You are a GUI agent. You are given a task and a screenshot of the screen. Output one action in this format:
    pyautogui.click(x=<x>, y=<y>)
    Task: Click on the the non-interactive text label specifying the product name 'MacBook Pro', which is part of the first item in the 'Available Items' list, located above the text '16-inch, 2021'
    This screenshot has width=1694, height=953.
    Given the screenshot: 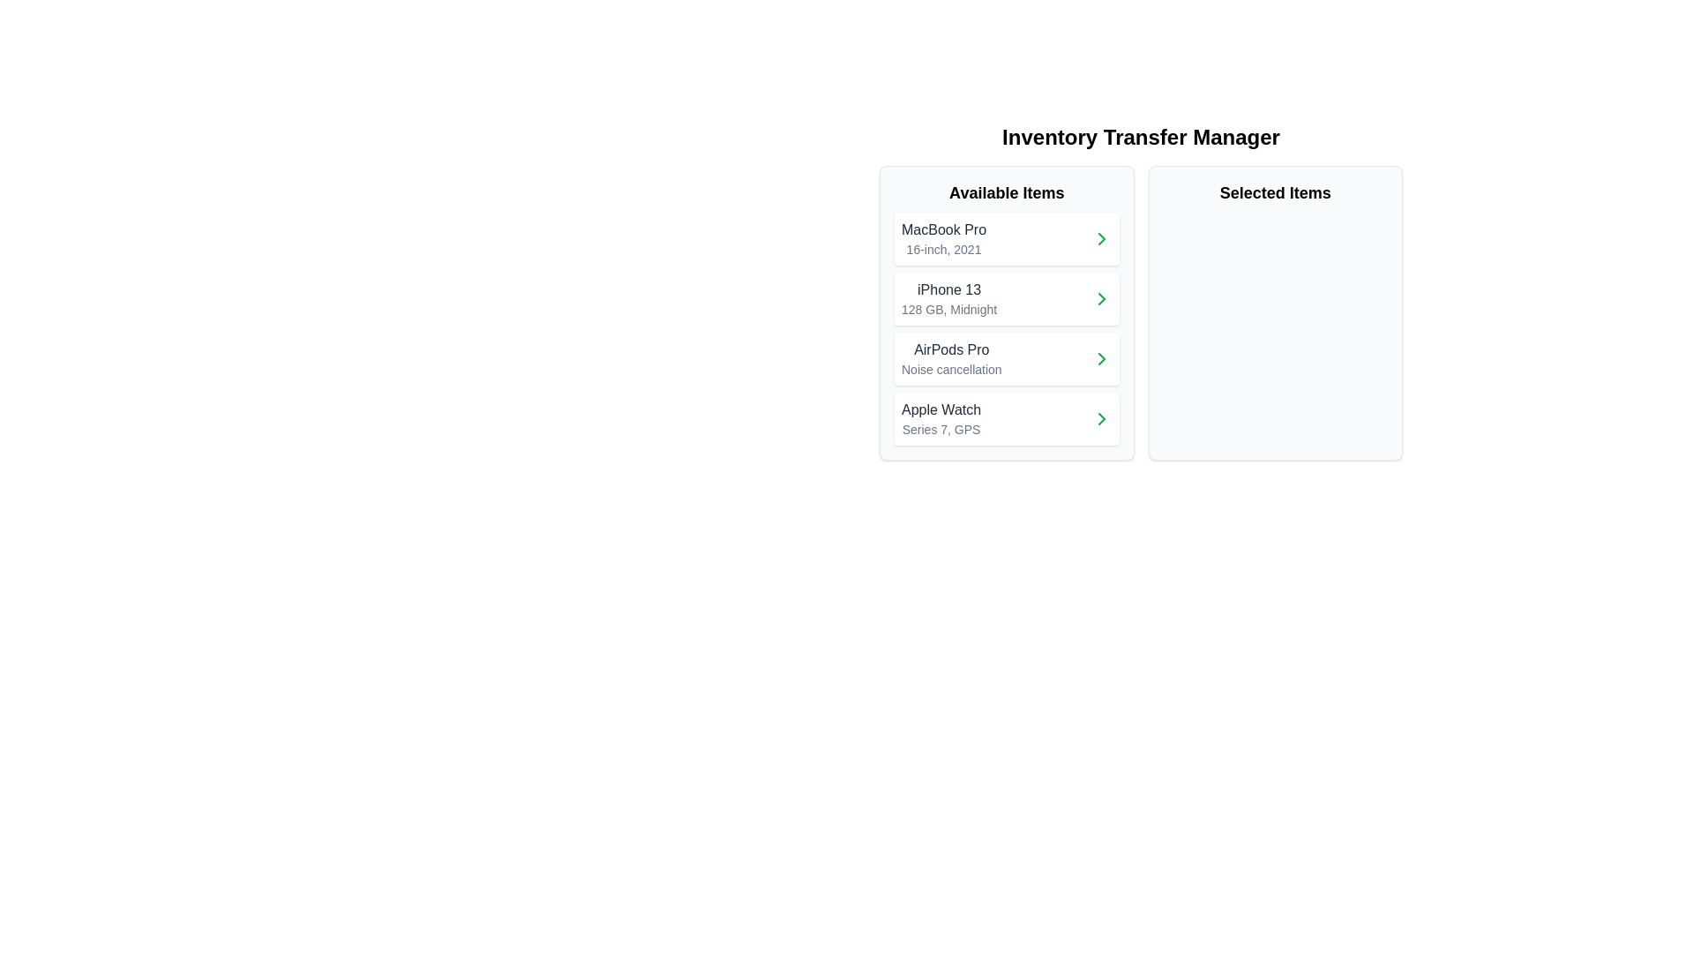 What is the action you would take?
    pyautogui.click(x=943, y=229)
    